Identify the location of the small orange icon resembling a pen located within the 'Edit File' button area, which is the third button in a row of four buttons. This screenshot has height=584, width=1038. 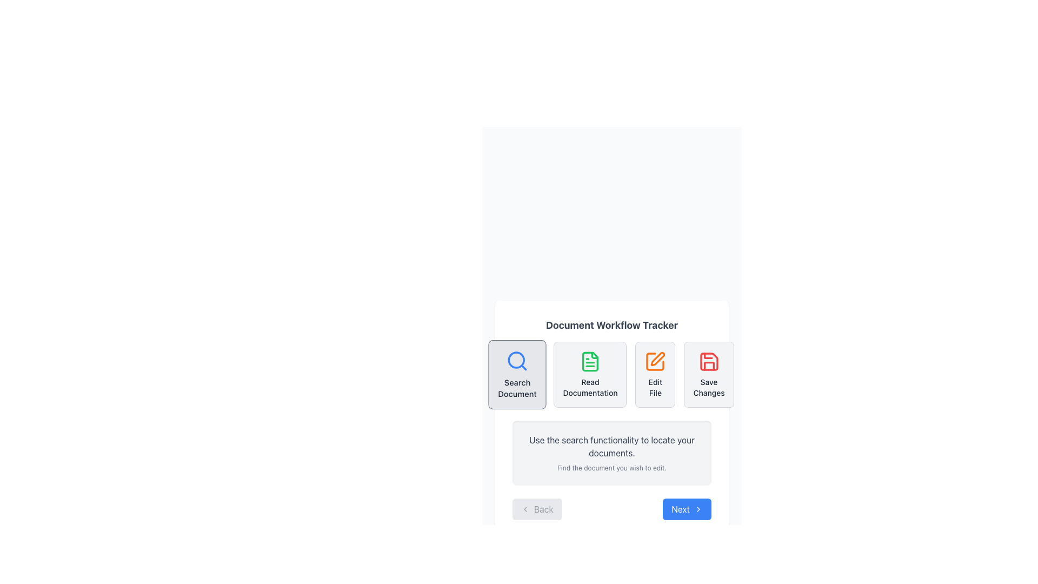
(657, 359).